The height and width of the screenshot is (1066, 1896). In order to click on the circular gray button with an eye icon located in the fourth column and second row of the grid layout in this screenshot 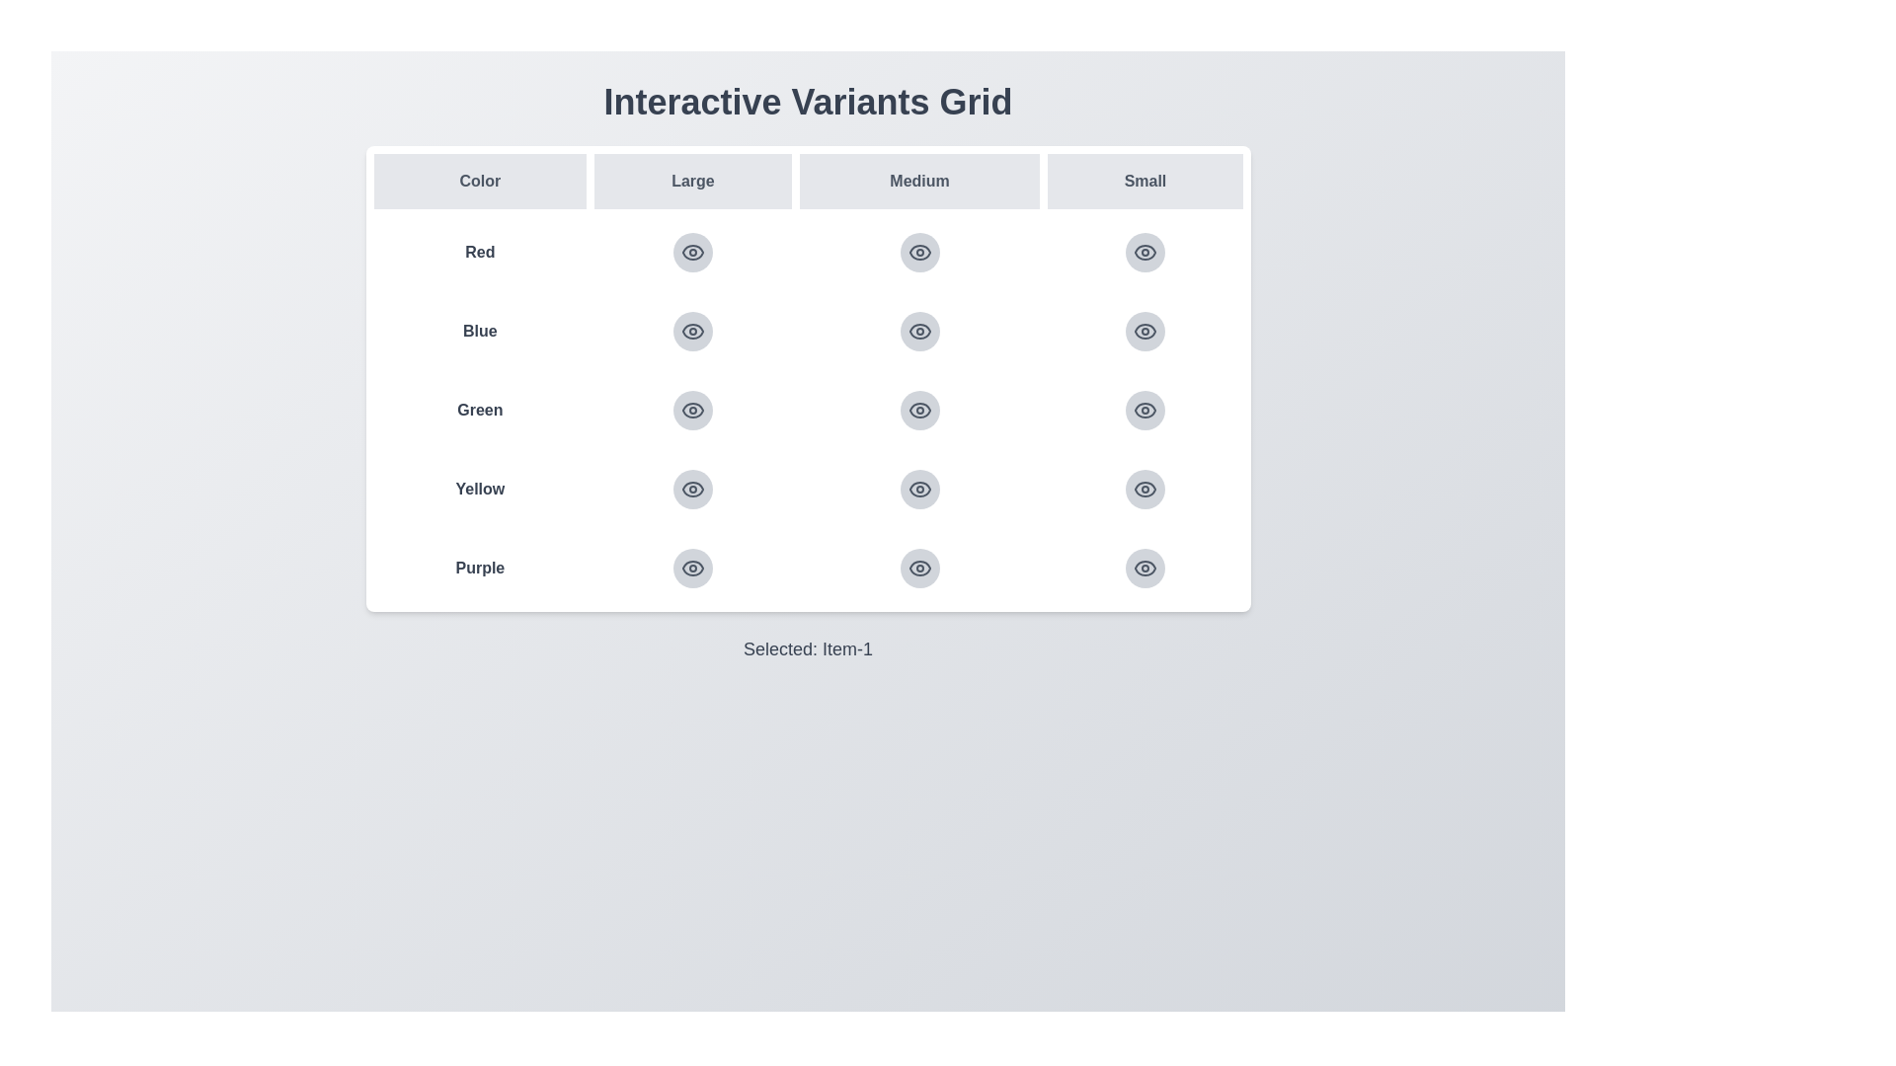, I will do `click(918, 330)`.